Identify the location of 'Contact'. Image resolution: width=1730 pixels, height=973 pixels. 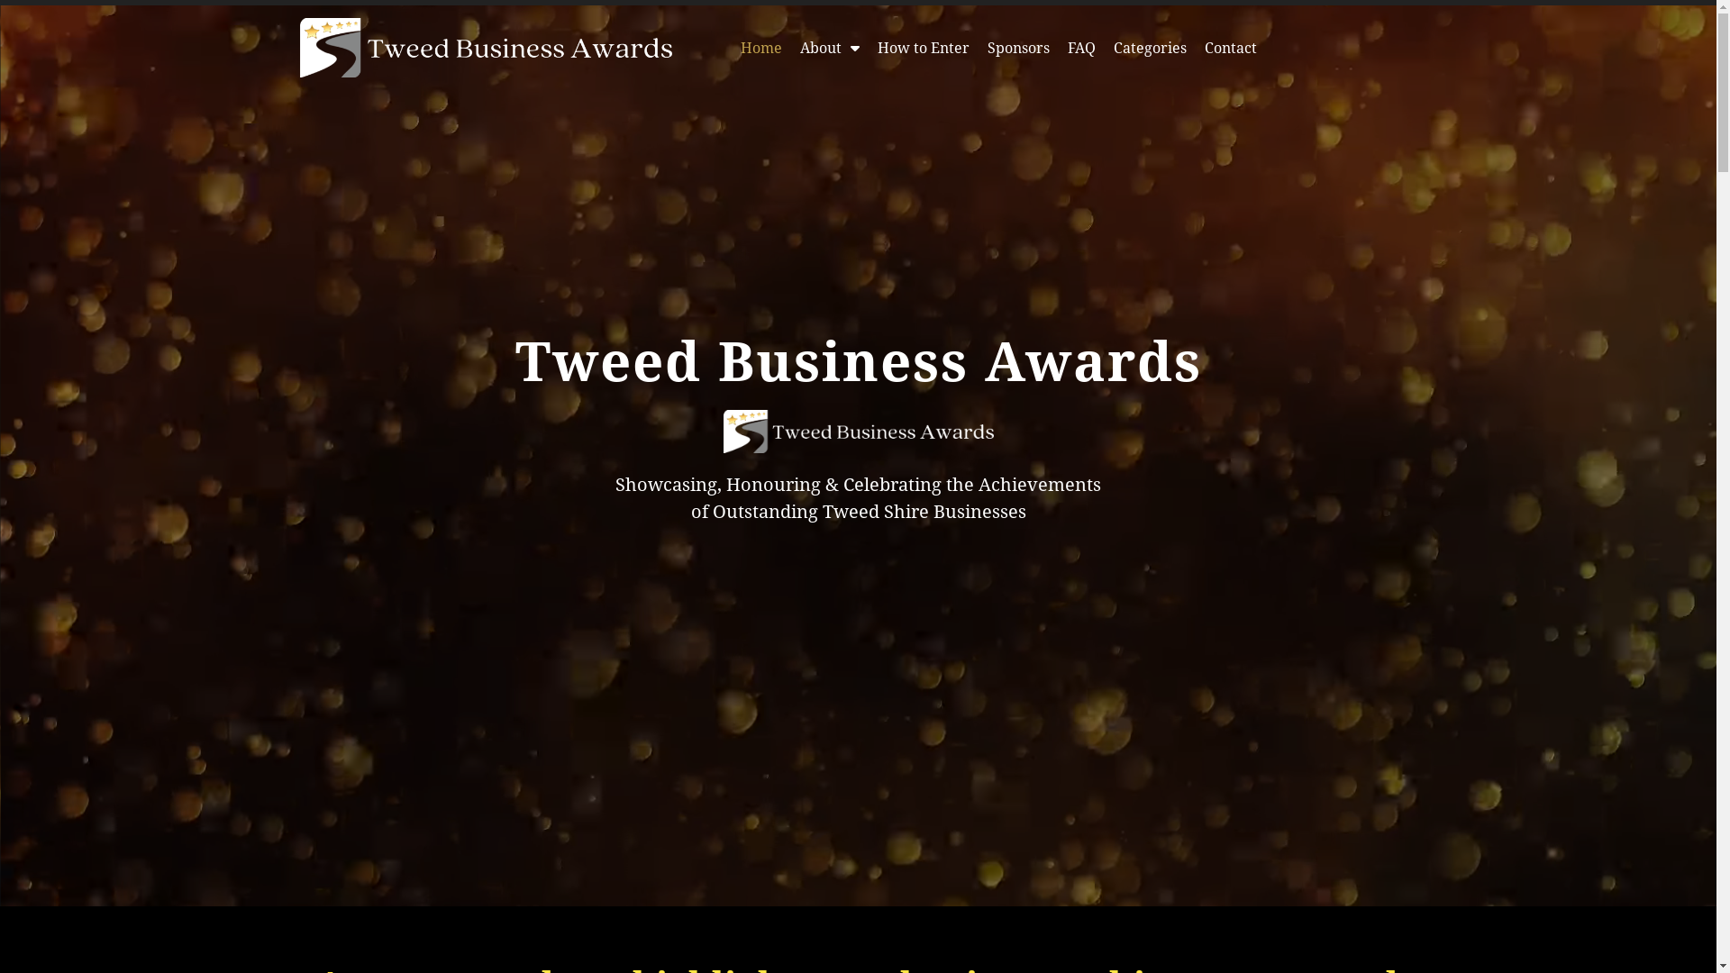
(1205, 47).